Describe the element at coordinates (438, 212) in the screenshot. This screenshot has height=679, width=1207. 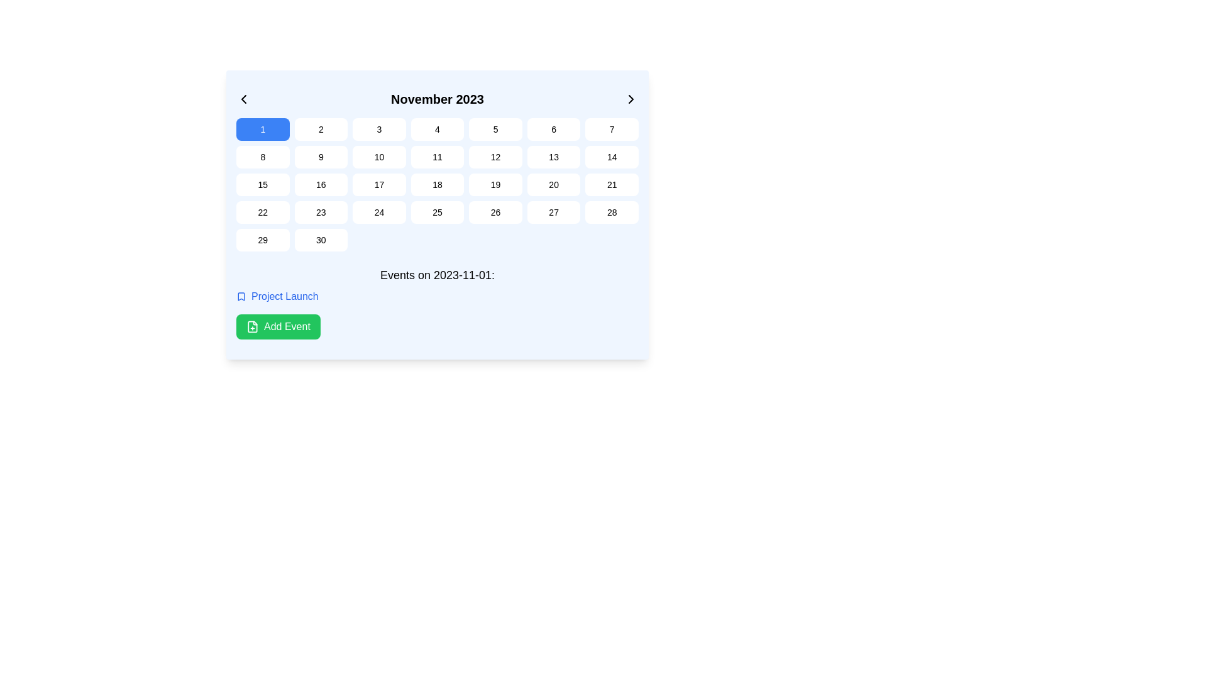
I see `the square-shaped button with a rounded border, containing the text '25' in bold black font` at that location.